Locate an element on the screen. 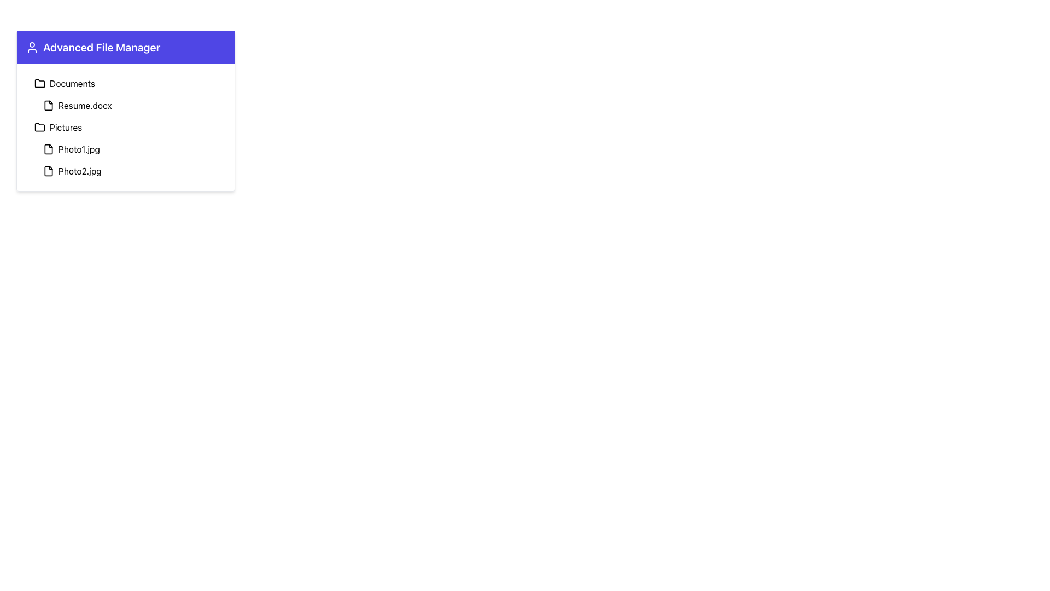 The image size is (1050, 591). the folder icon located as the first item under the 'Documents' label in the 'Advanced File Manager' panel is located at coordinates (39, 83).